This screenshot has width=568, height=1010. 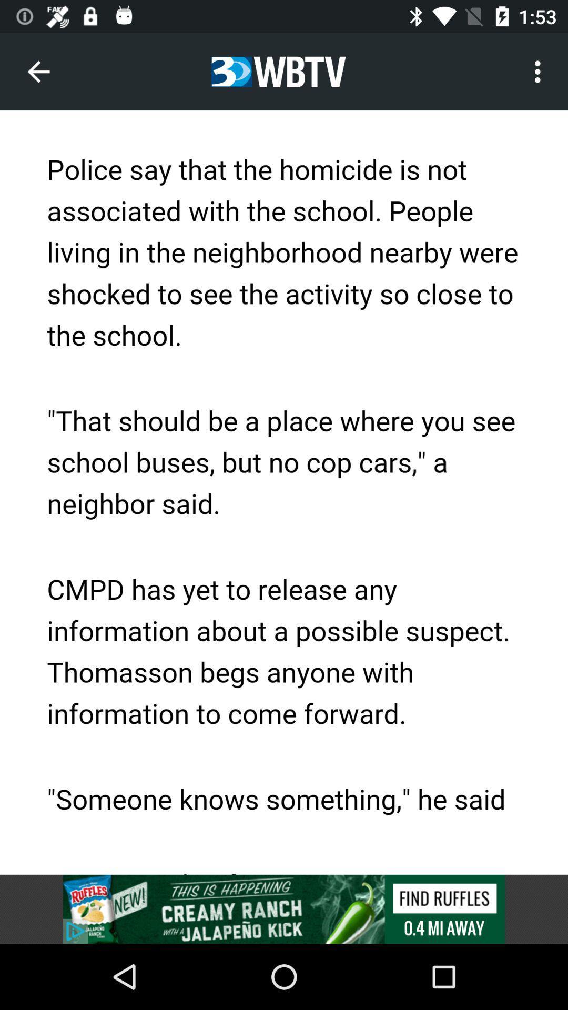 What do you see at coordinates (284, 908) in the screenshot?
I see `the advertisement` at bounding box center [284, 908].